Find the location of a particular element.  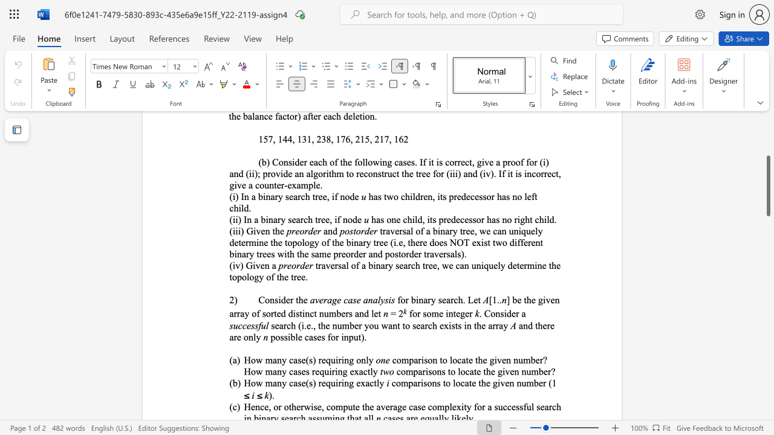

the subset text "der th" within the text "Consider the" is located at coordinates (280, 299).